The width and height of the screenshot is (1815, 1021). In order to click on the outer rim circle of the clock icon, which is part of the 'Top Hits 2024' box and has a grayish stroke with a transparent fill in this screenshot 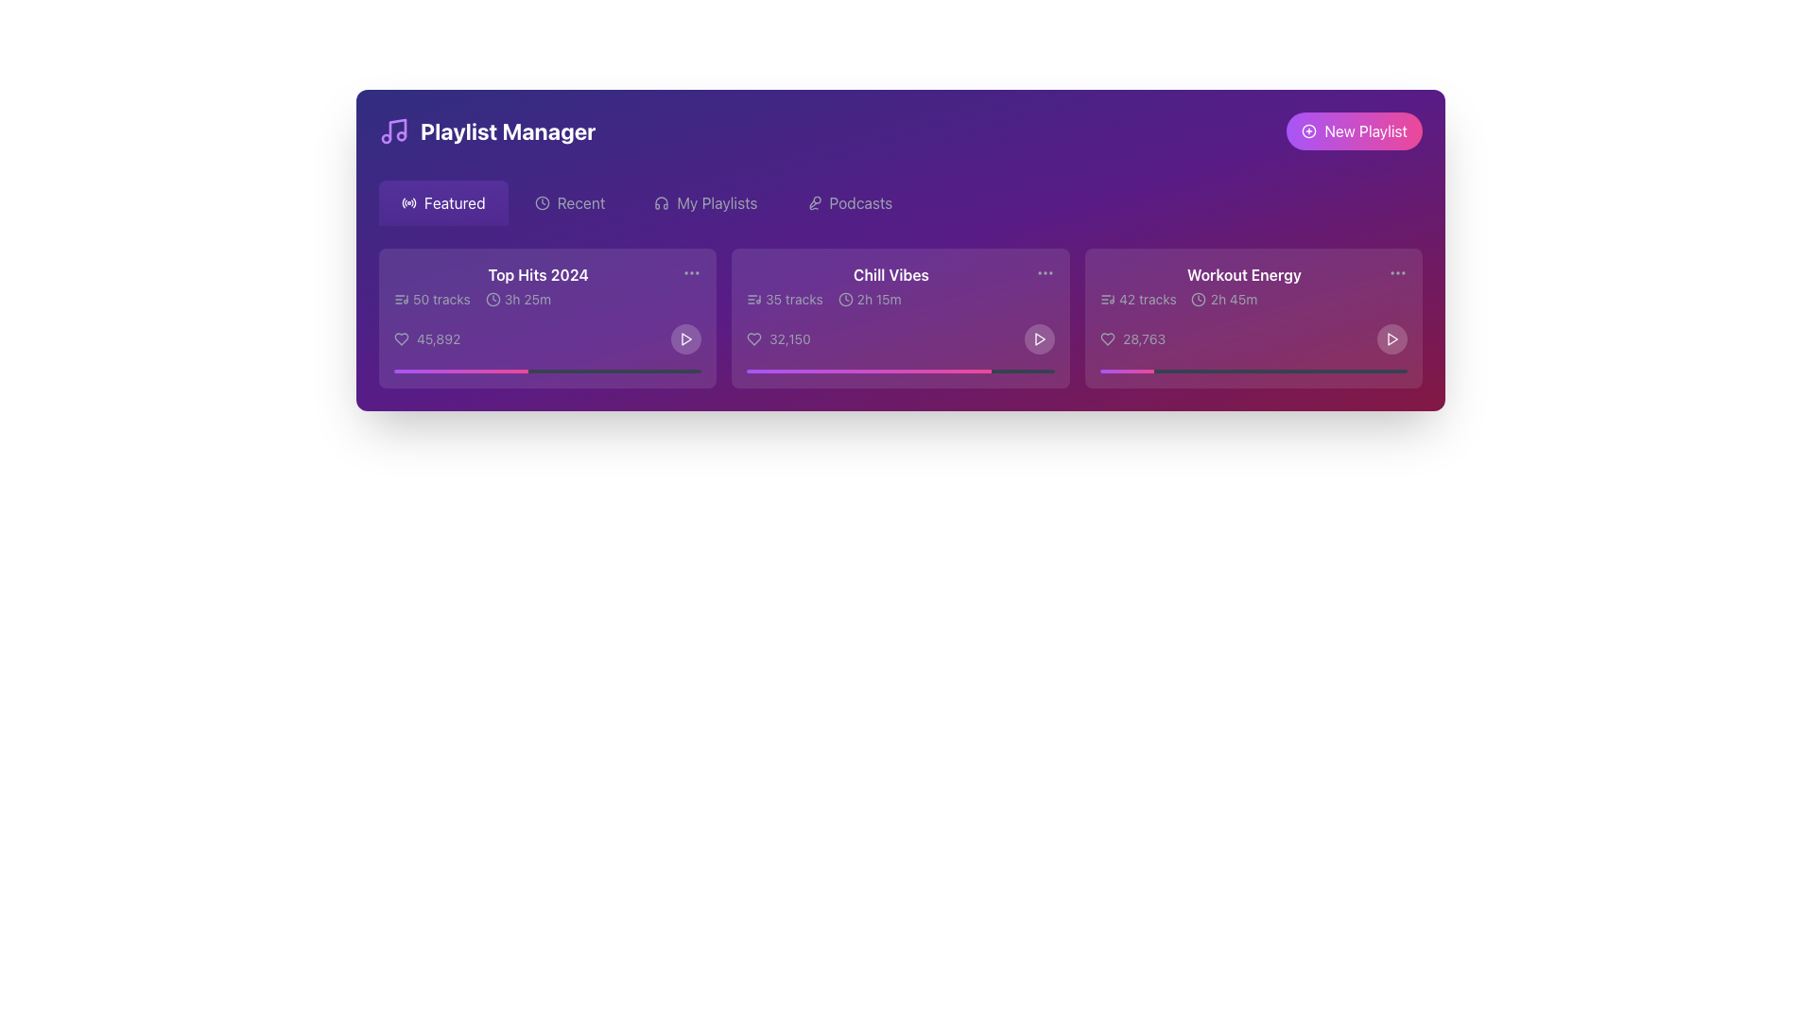, I will do `click(493, 298)`.